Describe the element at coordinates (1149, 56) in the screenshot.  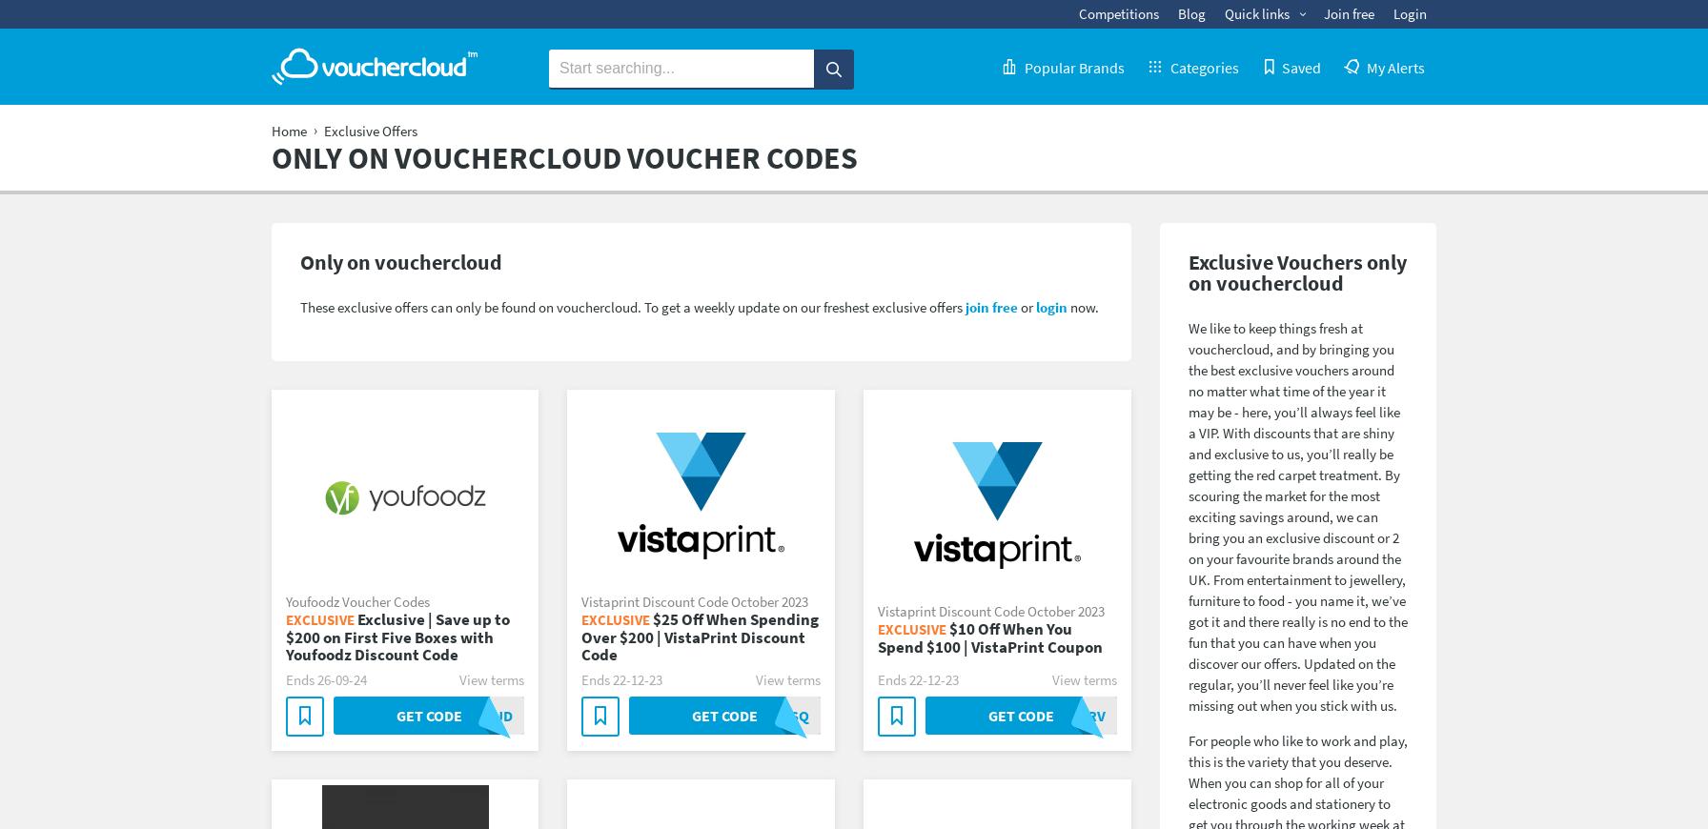
I see `'Top 25 Offers'` at that location.